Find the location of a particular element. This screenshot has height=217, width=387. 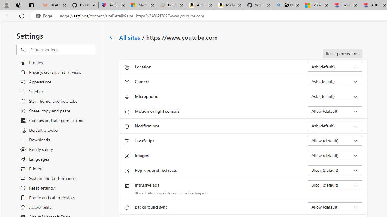

'Background sync Allow (default)' is located at coordinates (334, 206).